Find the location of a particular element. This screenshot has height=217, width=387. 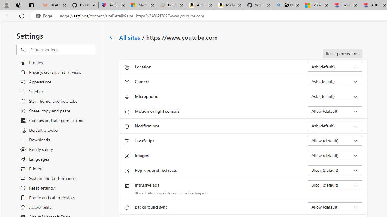

'Background sync Allow (default)' is located at coordinates (334, 206).